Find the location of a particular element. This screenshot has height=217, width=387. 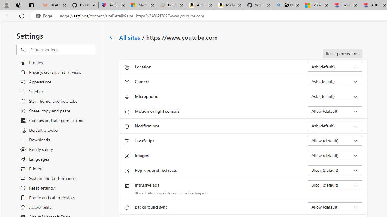

'Background sync Allow (default)' is located at coordinates (334, 206).